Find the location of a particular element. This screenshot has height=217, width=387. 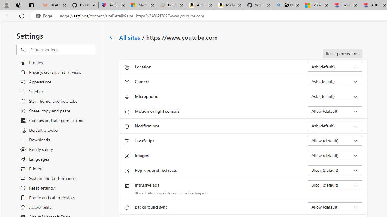

'Background sync Allow (default)' is located at coordinates (334, 206).